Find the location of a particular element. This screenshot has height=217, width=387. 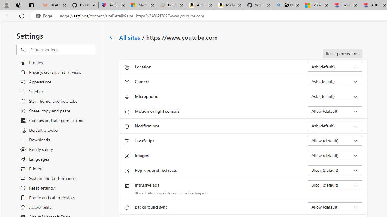

'Background sync Allow (default)' is located at coordinates (334, 206).